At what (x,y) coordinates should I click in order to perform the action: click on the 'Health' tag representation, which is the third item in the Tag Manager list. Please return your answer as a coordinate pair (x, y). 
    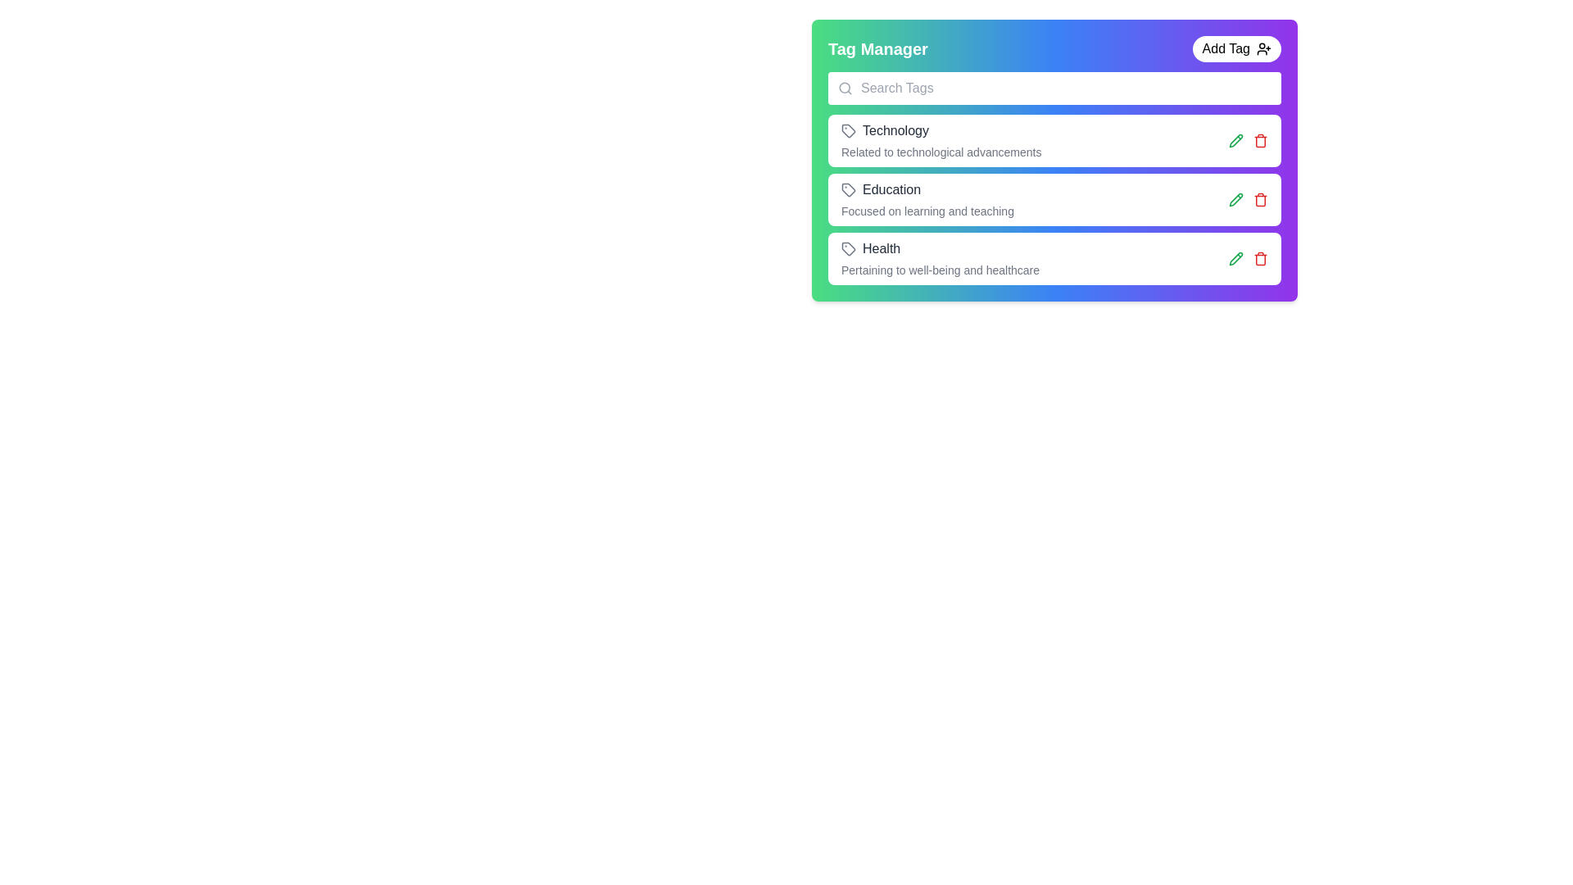
    Looking at the image, I should click on (940, 249).